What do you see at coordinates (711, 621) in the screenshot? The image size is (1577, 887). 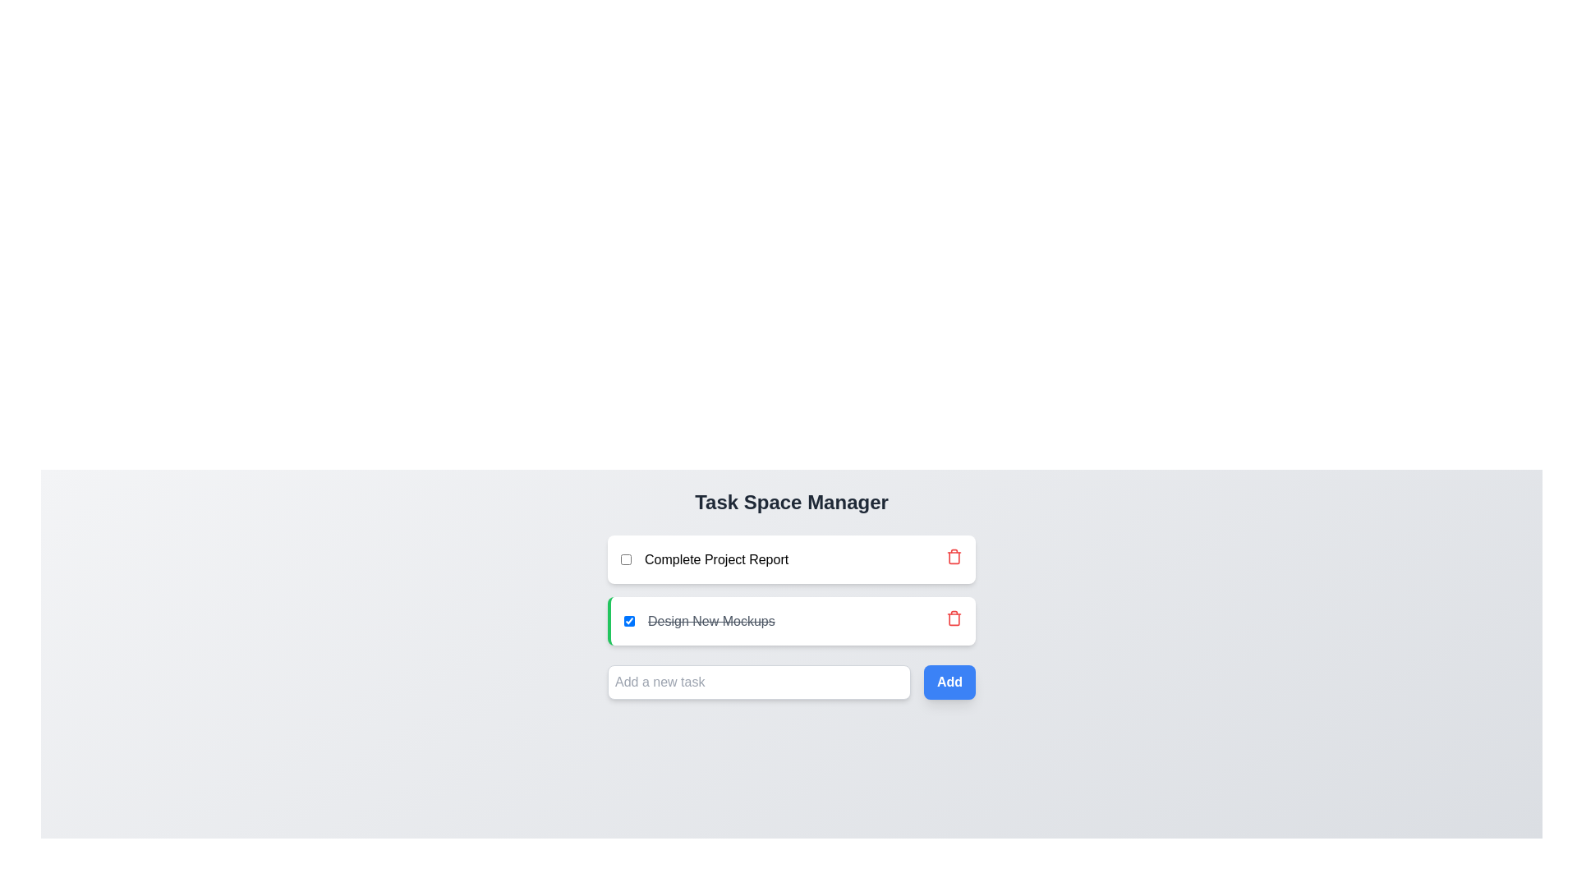 I see `the text label that indicates the completed task 'Design New Mockups', which has a strikethrough style and is located to the right of a checked checkbox under 'Task Space Manager'` at bounding box center [711, 621].